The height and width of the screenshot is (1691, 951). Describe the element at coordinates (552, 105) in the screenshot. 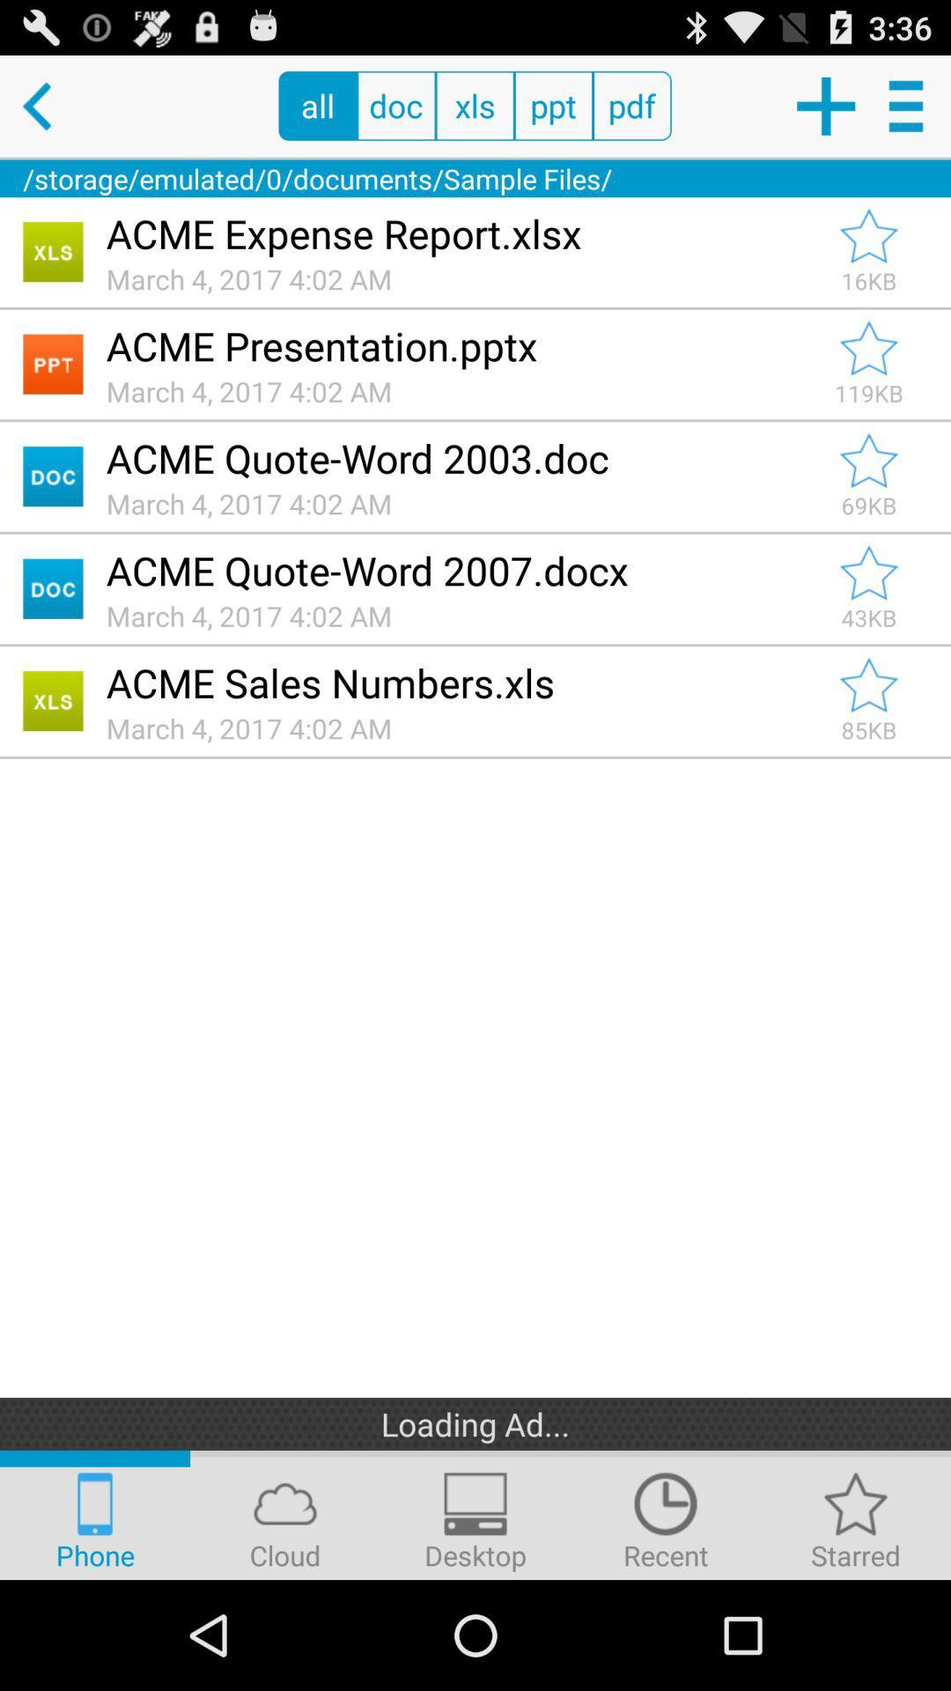

I see `the icon next to xls` at that location.